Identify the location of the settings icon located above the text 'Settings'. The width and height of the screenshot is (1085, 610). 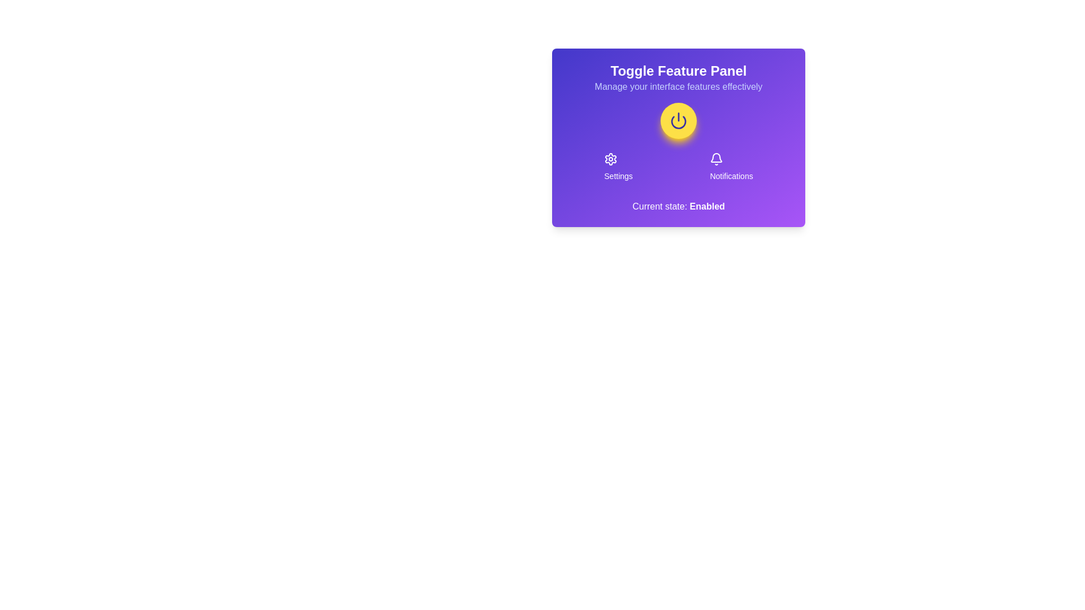
(610, 159).